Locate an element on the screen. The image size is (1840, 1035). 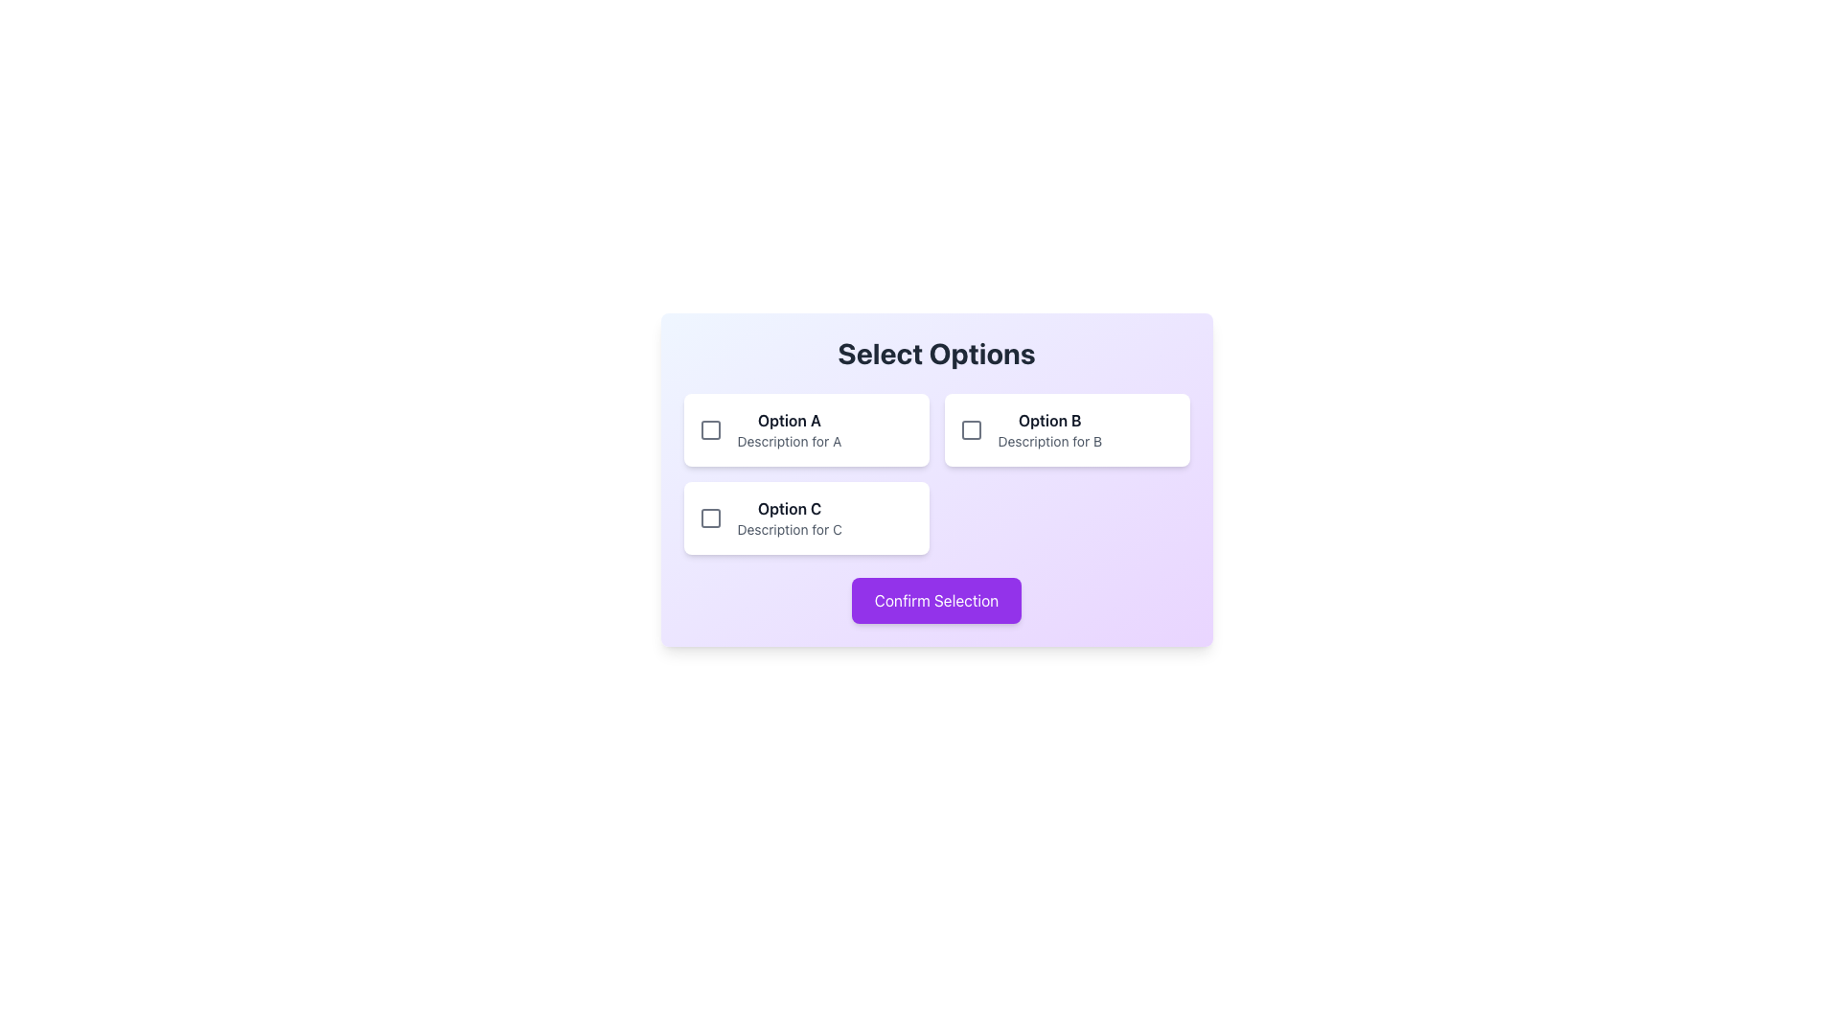
the confirmation button located at the bottom of the panel, below the options labeled 'Option A', 'Option B', and 'Option C', to confirm the user's selection is located at coordinates (936, 600).